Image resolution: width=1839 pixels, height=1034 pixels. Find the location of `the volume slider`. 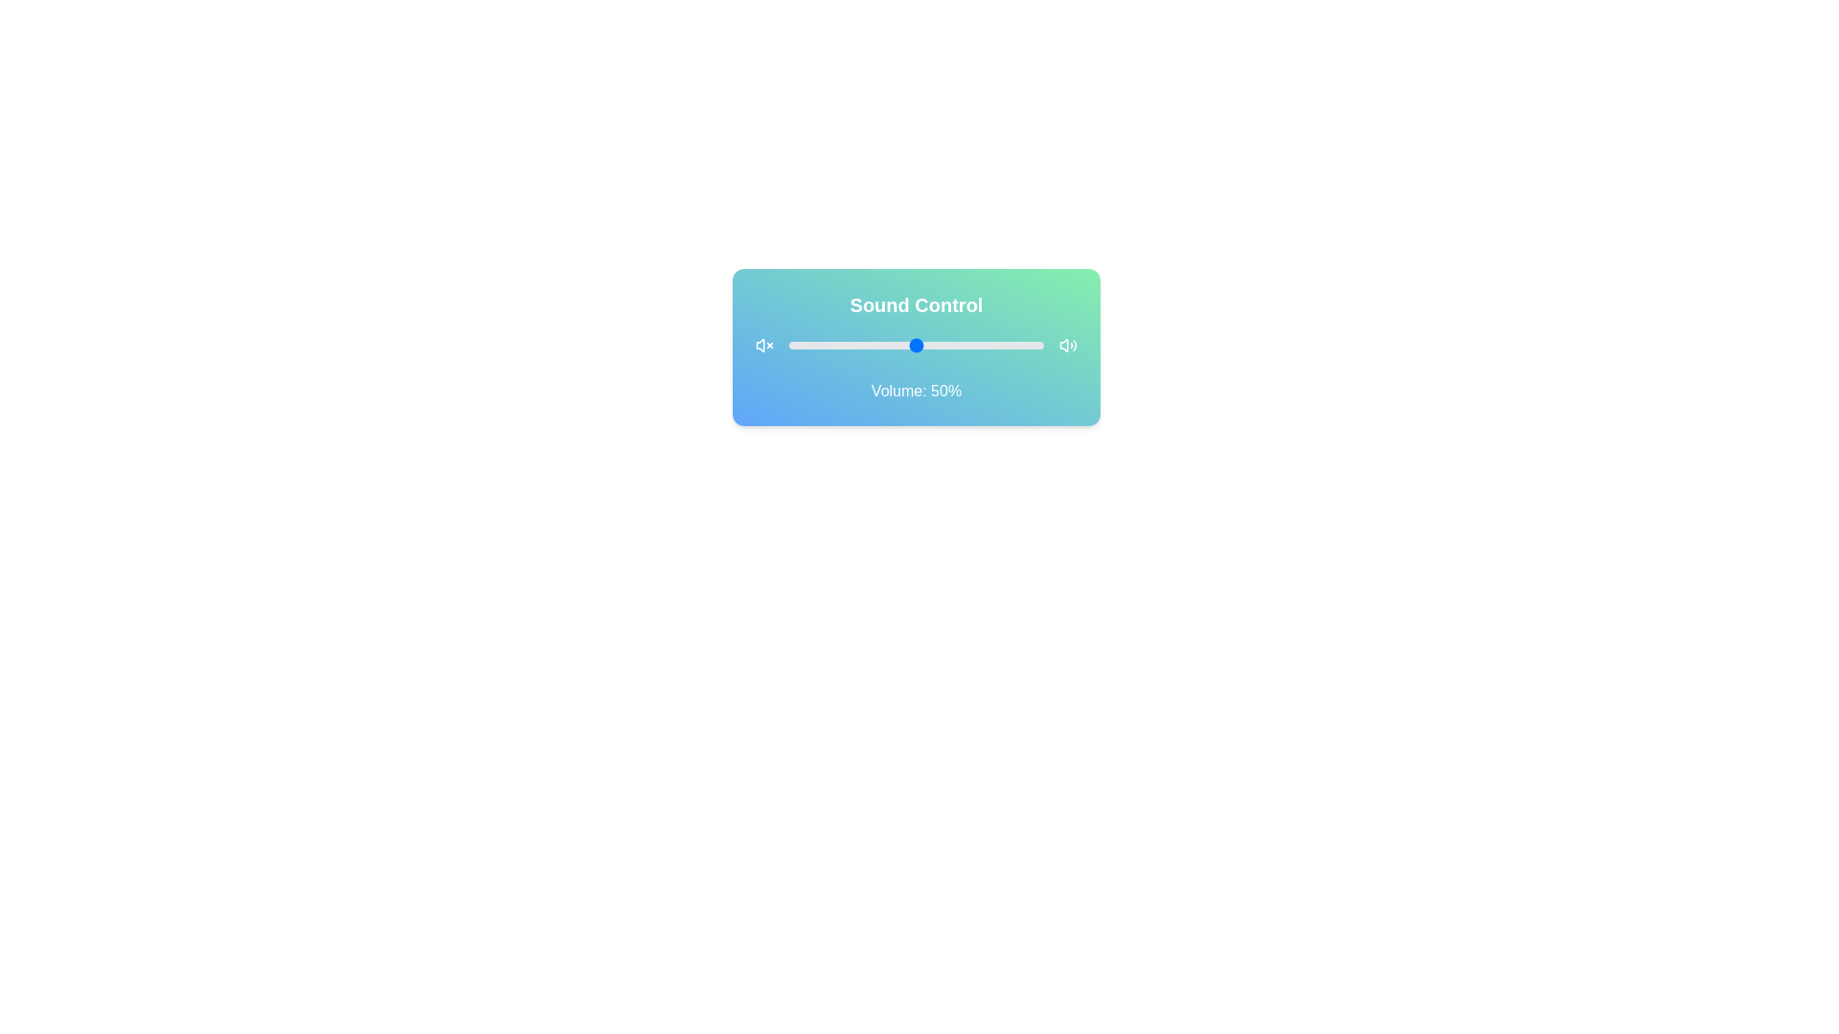

the volume slider is located at coordinates (822, 346).